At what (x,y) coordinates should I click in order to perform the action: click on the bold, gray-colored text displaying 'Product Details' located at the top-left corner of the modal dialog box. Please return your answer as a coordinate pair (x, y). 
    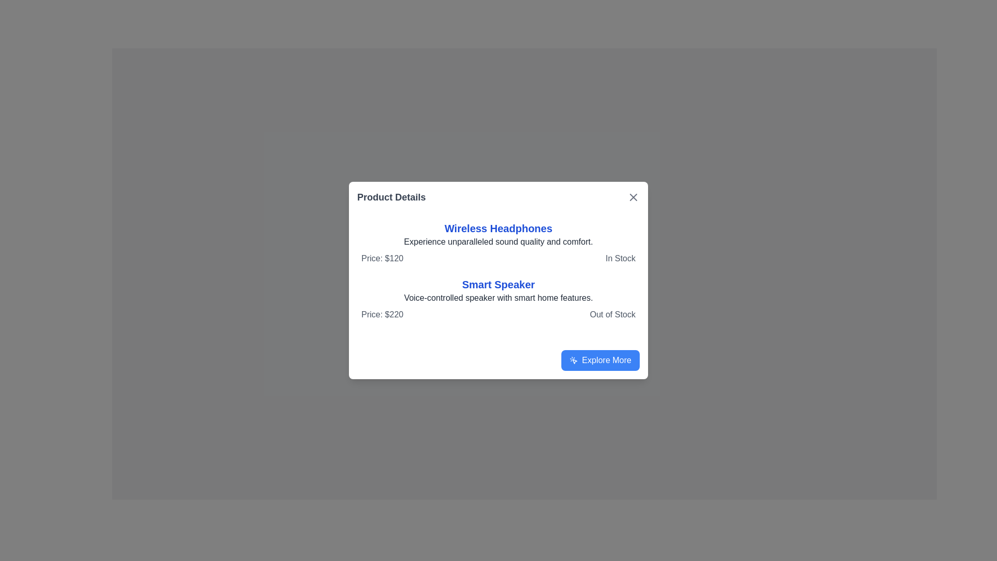
    Looking at the image, I should click on (390, 197).